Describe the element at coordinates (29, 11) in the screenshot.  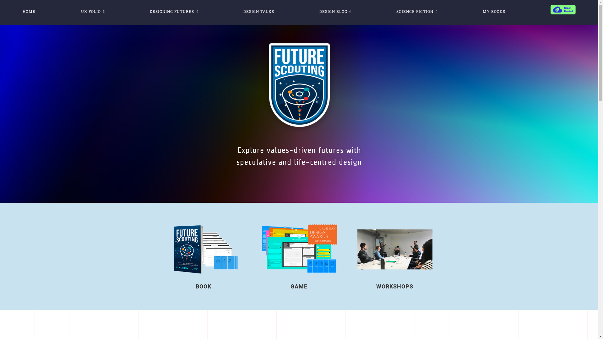
I see `'HOME'` at that location.